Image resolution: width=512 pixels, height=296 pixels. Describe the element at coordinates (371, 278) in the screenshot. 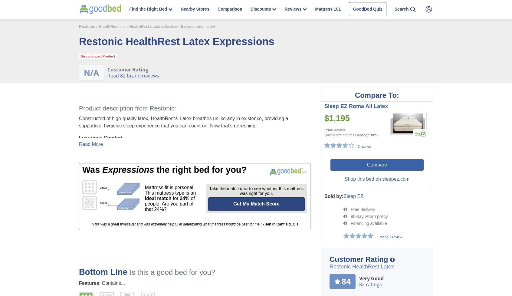

I see `'Very Good'` at that location.